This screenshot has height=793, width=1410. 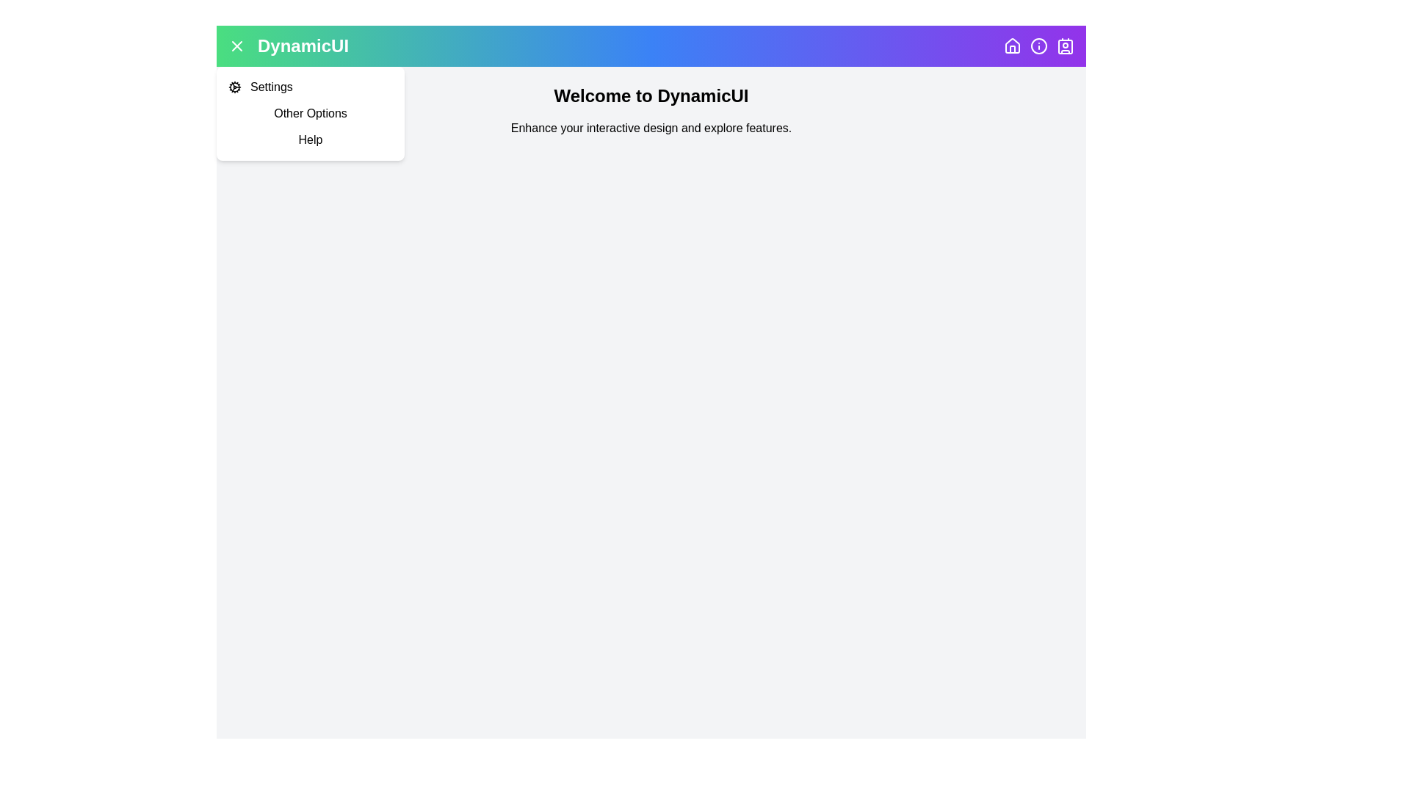 What do you see at coordinates (1011, 44) in the screenshot?
I see `the home icon, which is styled like a house and located on the right side of the top navigation bar` at bounding box center [1011, 44].